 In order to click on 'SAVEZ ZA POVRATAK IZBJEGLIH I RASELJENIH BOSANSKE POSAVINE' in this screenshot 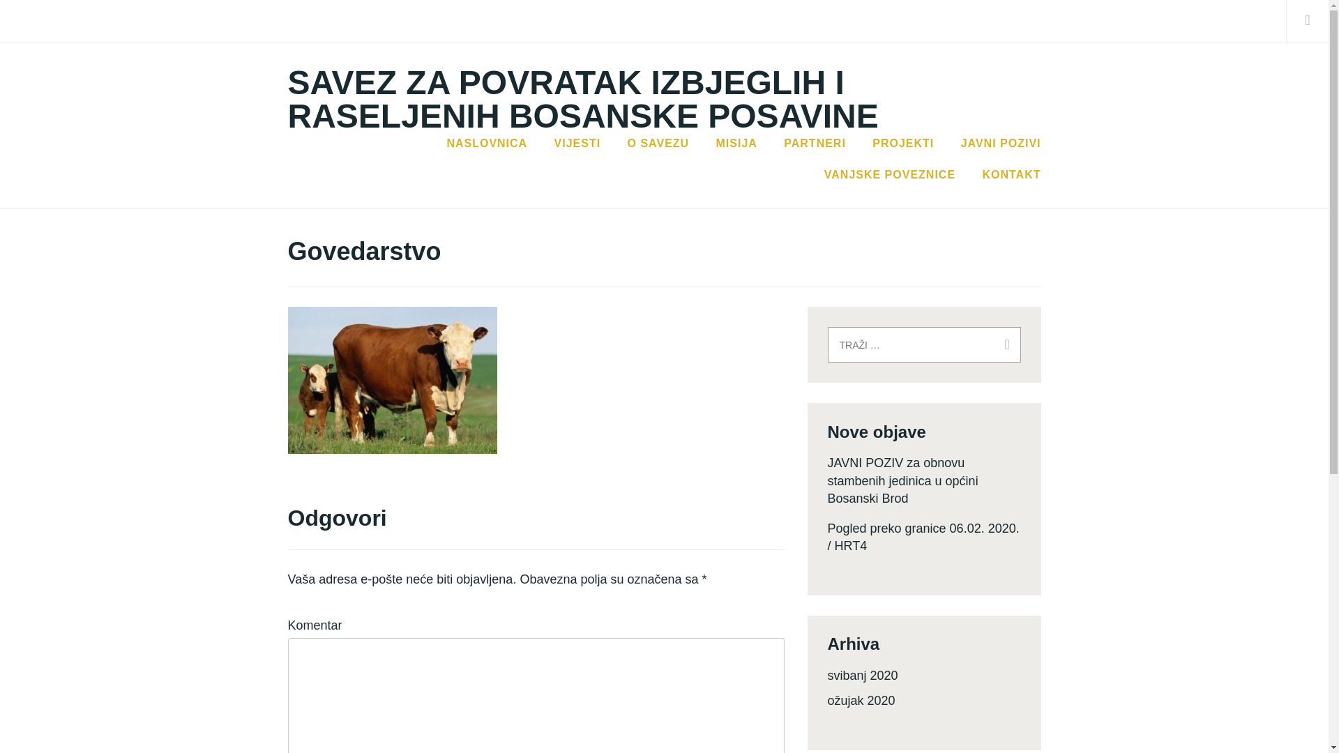, I will do `click(582, 98)`.